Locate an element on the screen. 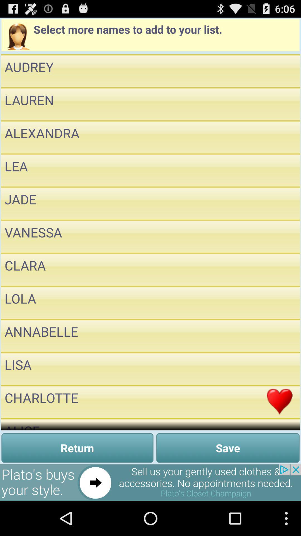 The width and height of the screenshot is (301, 536). to favorites is located at coordinates (280, 368).